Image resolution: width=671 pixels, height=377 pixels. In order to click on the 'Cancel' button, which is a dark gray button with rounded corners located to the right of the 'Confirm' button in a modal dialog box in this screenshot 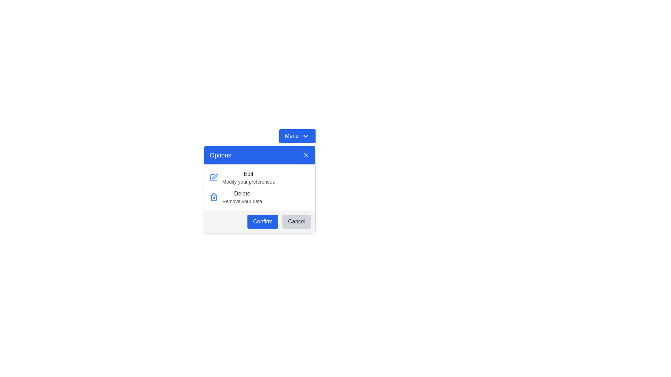, I will do `click(297, 222)`.